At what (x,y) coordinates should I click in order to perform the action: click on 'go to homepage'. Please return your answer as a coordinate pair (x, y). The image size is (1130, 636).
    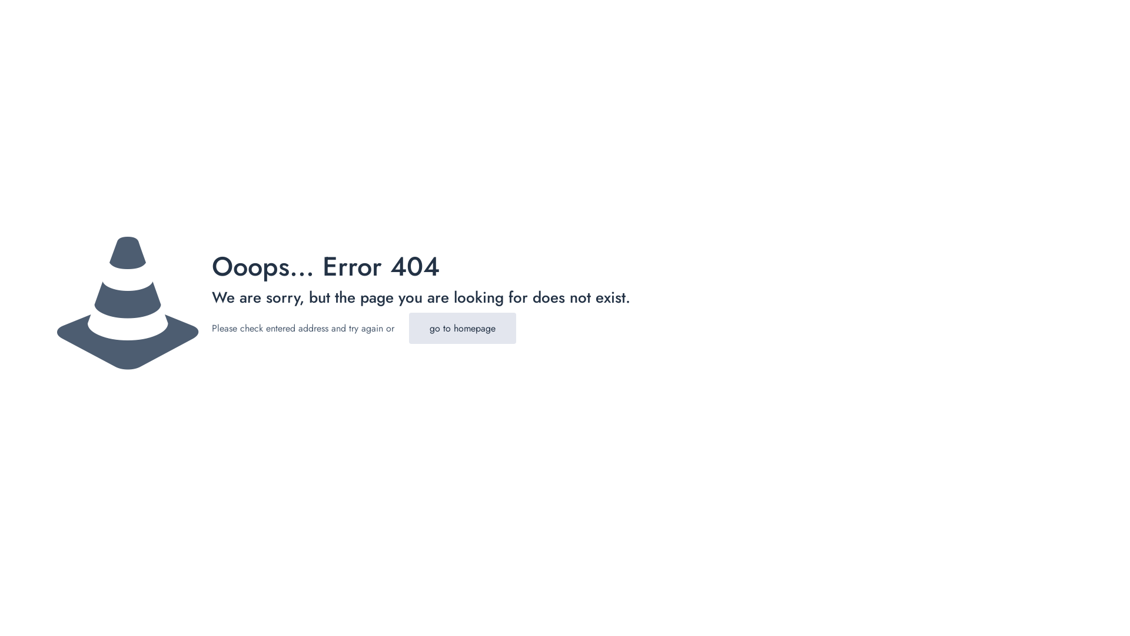
    Looking at the image, I should click on (462, 328).